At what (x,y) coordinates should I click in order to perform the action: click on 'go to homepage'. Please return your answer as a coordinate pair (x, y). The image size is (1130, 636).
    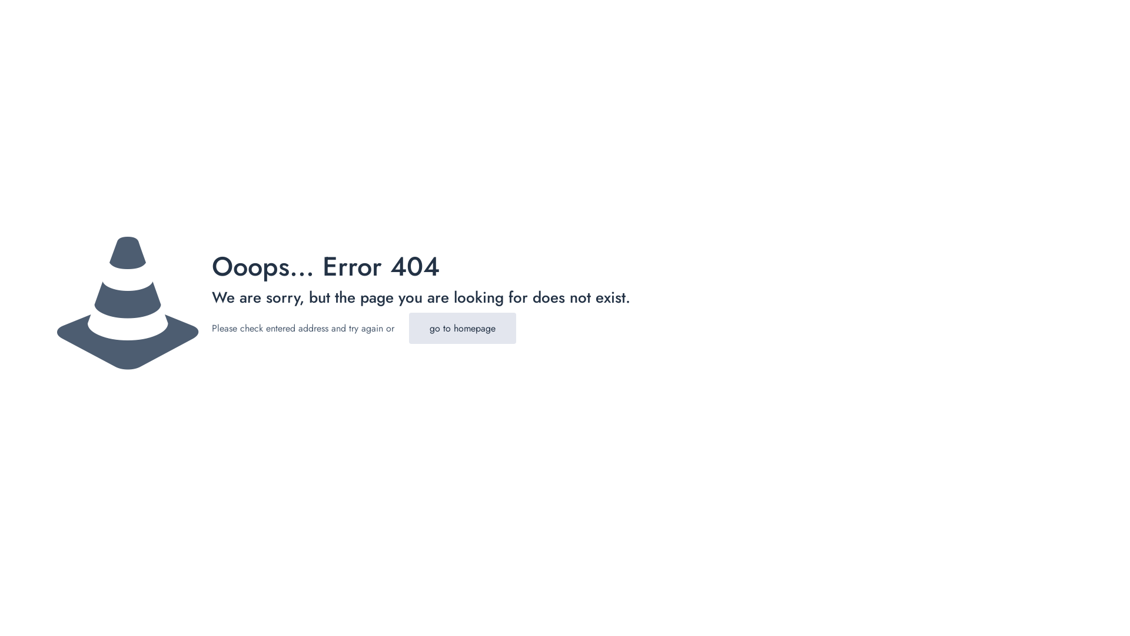
    Looking at the image, I should click on (462, 328).